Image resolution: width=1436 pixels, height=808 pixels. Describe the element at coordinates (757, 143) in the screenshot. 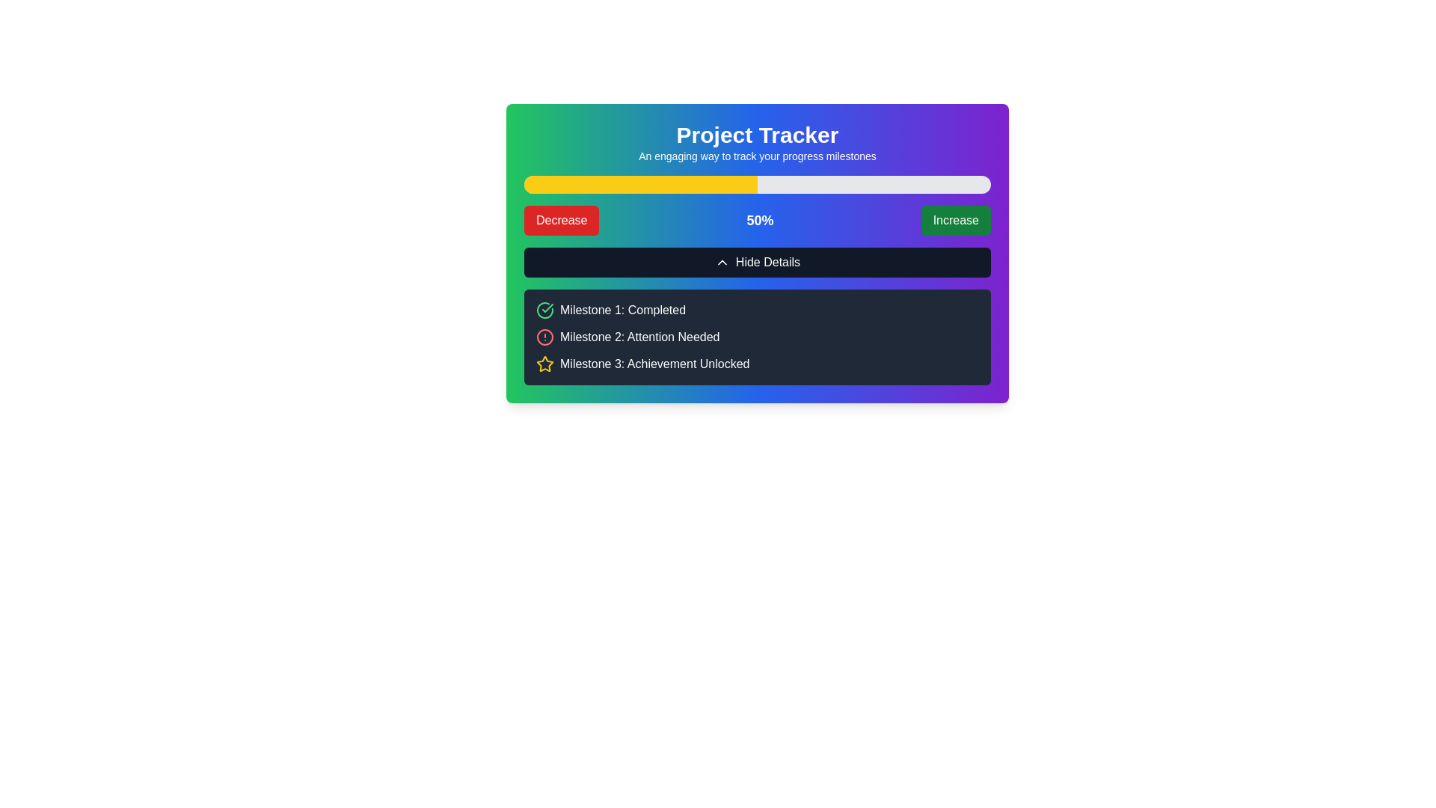

I see `the 'Project Tracker' text block, which is prominently displayed in a colorful gradient header and contains a bold title and a subtitle` at that location.